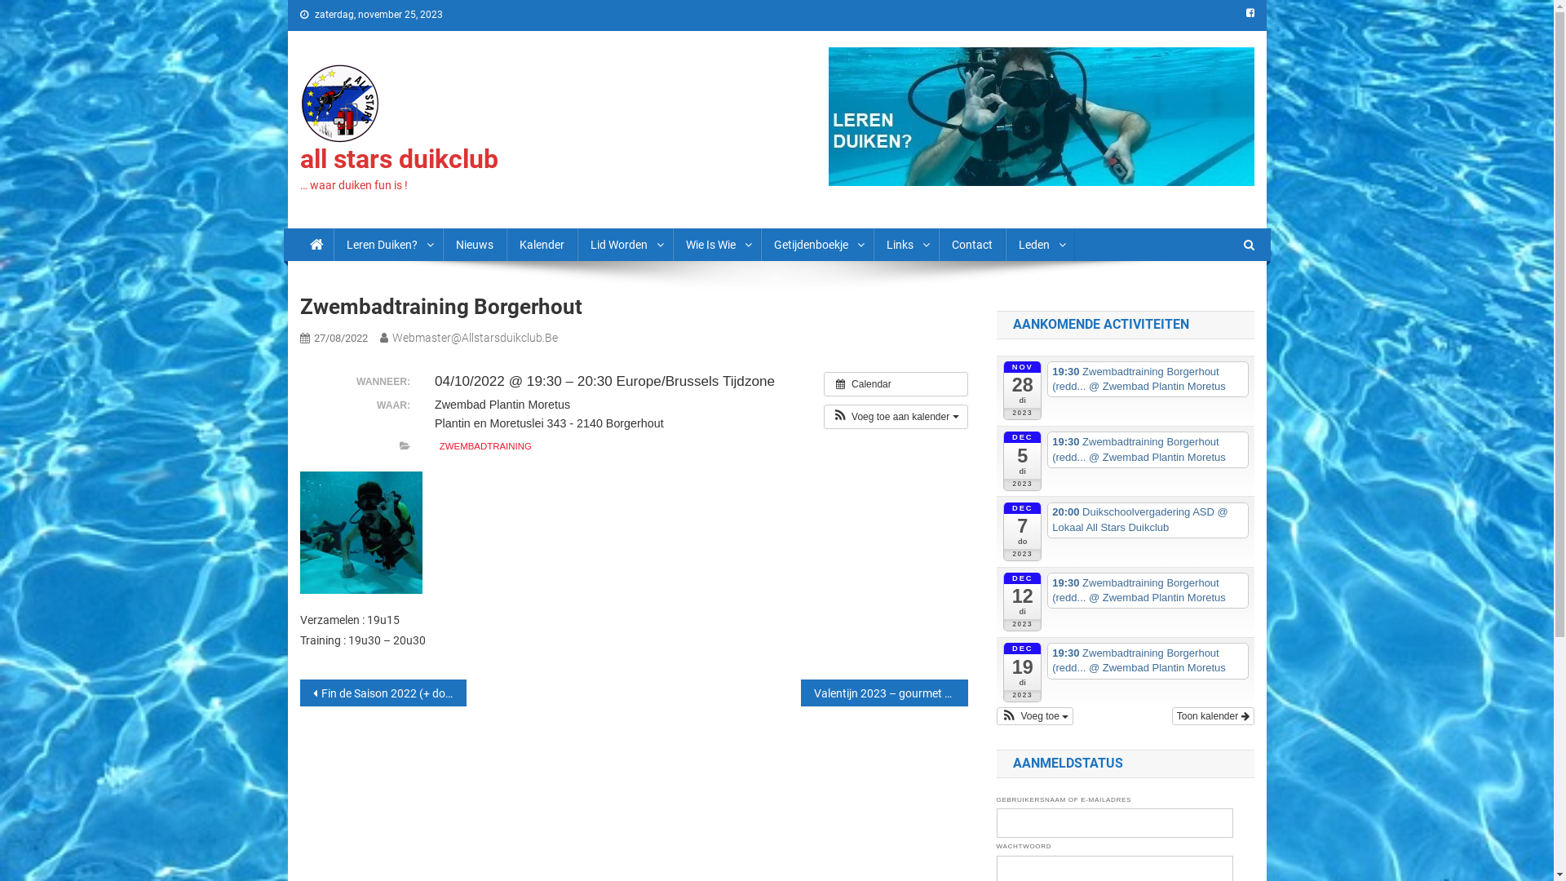 This screenshot has width=1566, height=881. Describe the element at coordinates (816, 245) in the screenshot. I see `'Getijdenboekje'` at that location.